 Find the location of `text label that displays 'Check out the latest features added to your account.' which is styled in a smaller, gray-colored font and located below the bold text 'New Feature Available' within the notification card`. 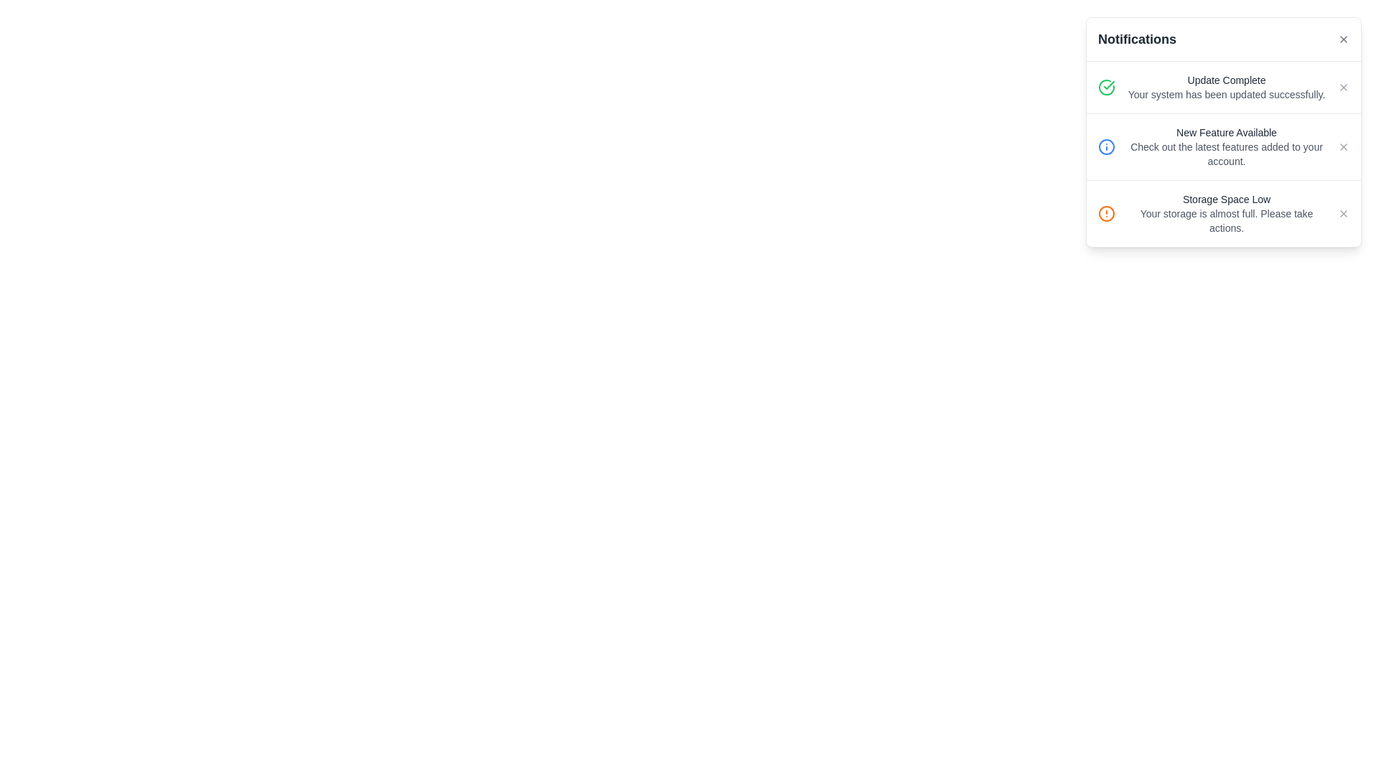

text label that displays 'Check out the latest features added to your account.' which is styled in a smaller, gray-colored font and located below the bold text 'New Feature Available' within the notification card is located at coordinates (1226, 154).